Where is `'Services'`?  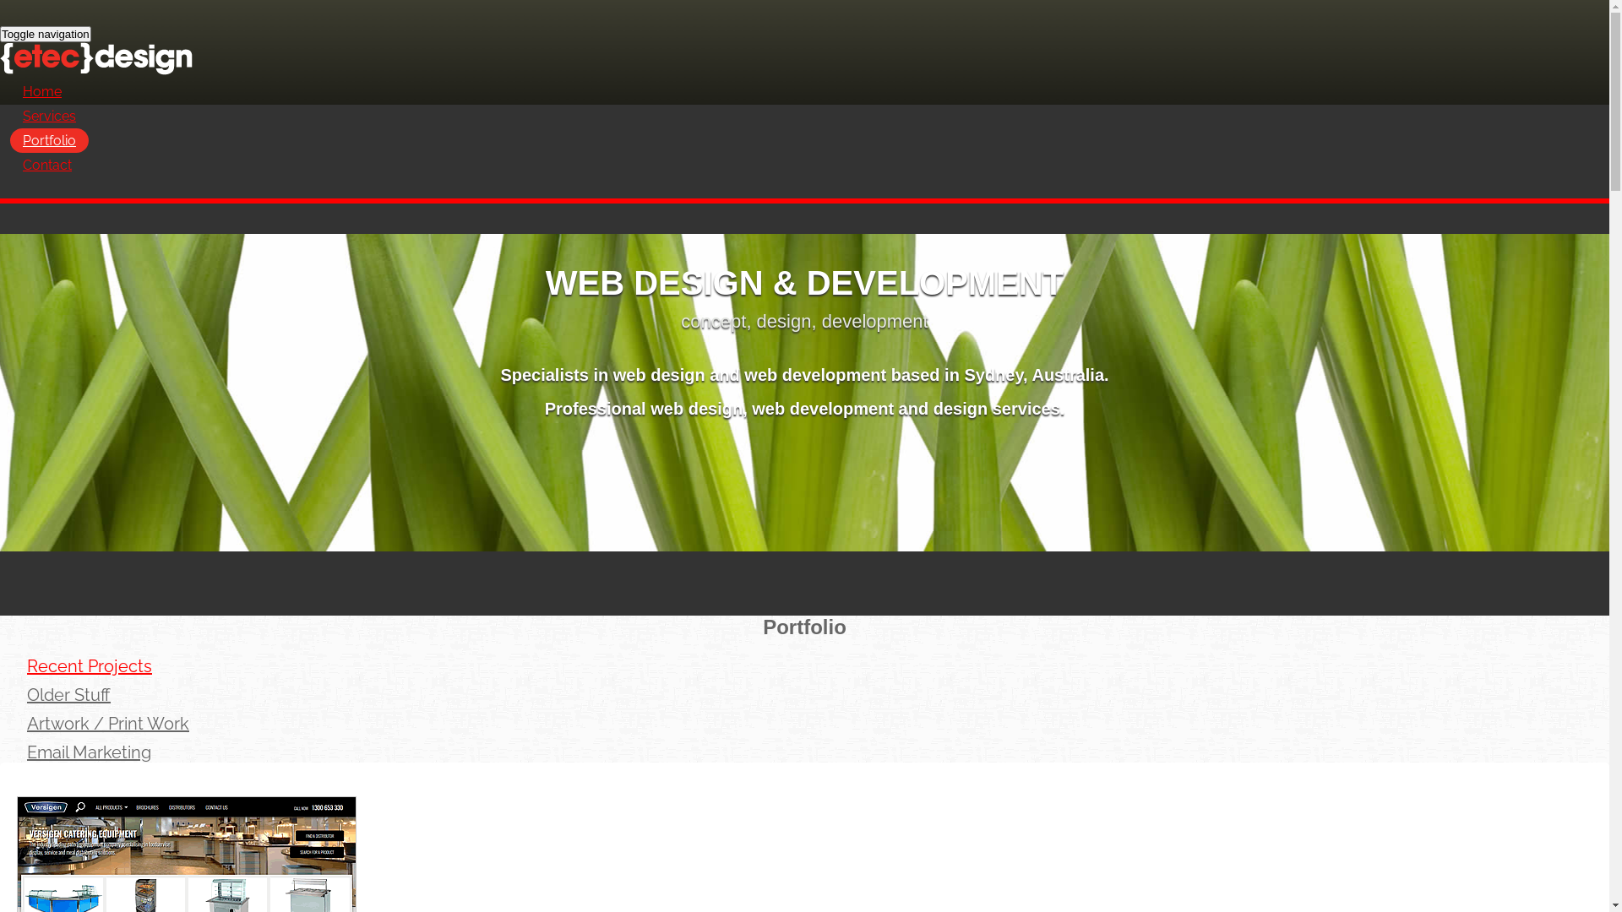 'Services' is located at coordinates (49, 115).